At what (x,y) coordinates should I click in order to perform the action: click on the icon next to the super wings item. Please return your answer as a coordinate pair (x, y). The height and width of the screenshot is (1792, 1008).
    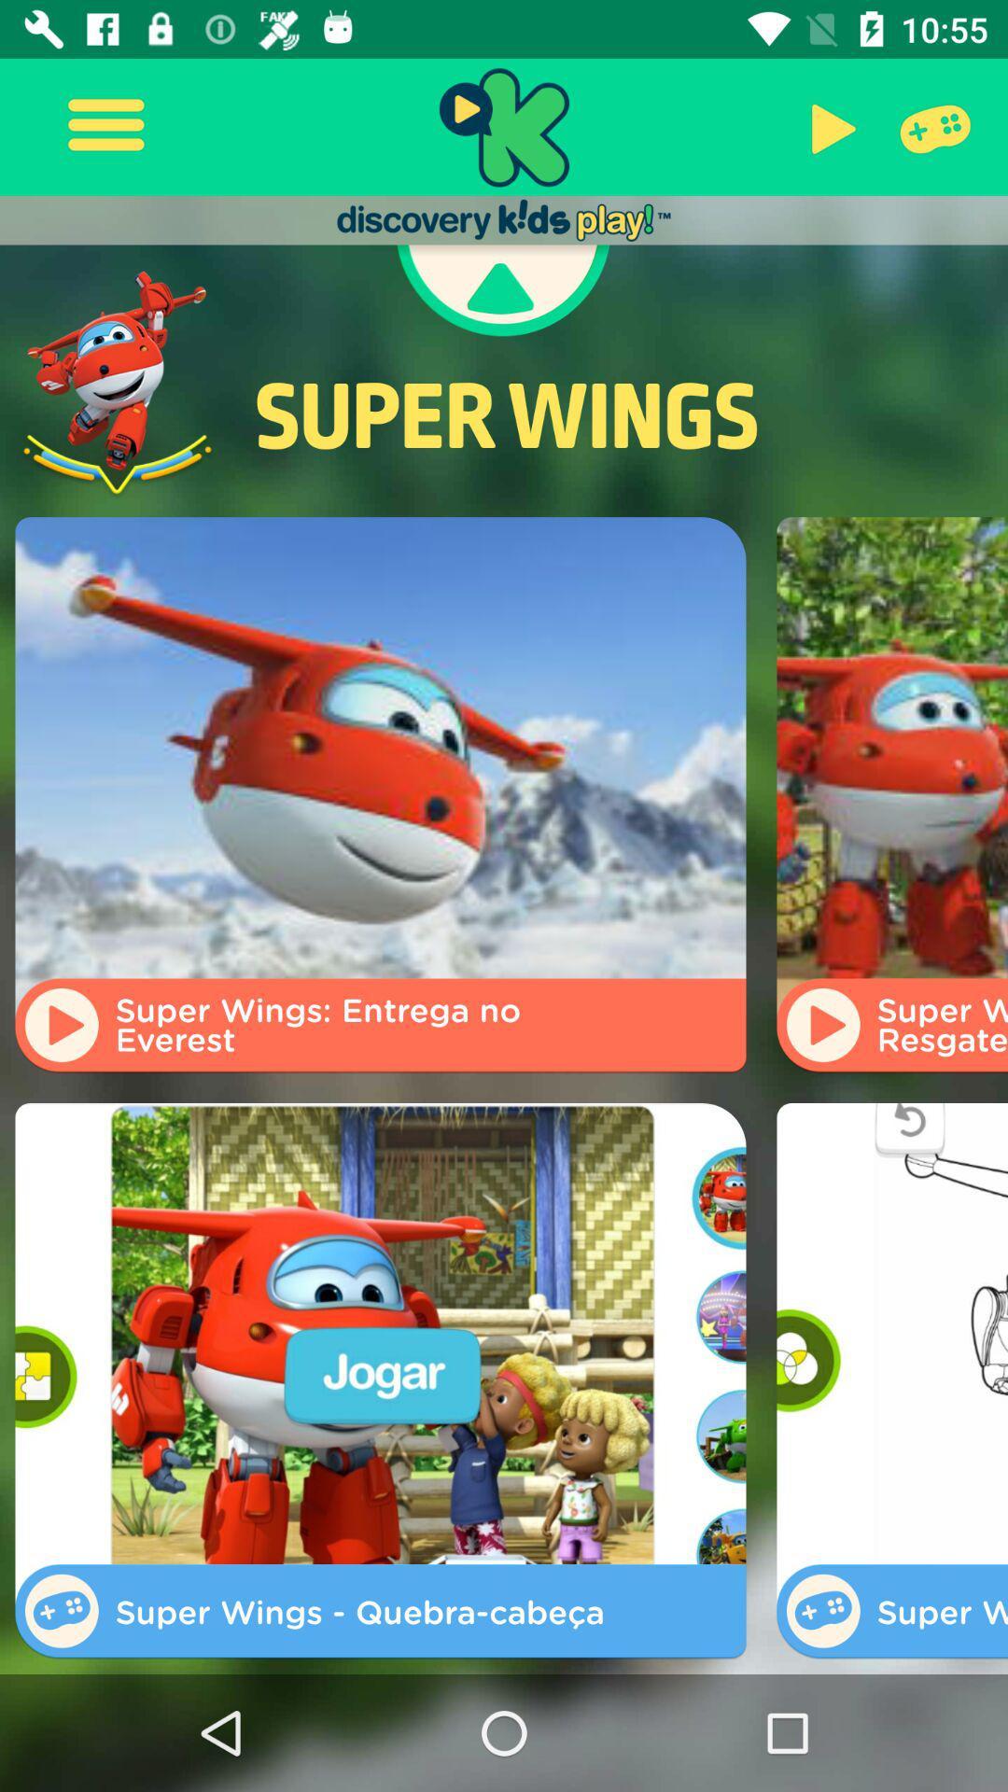
    Looking at the image, I should click on (118, 383).